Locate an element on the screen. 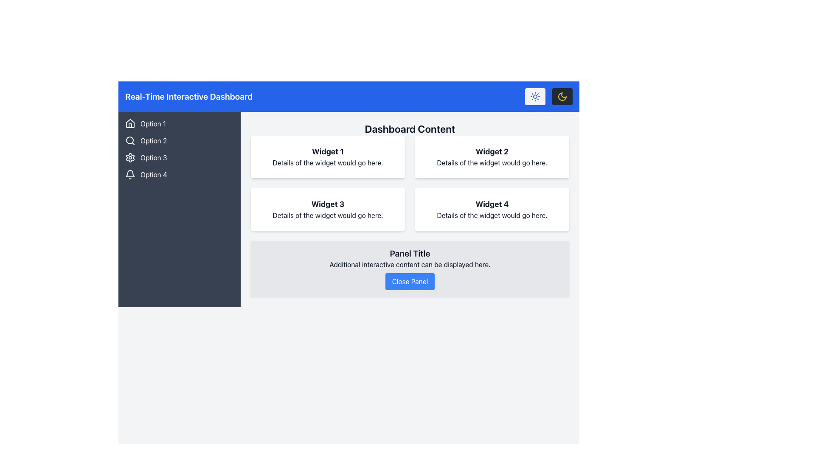 This screenshot has width=815, height=458. the text block that reads 'Details of the widget would go here.' located within the 'Widget 4' card, positioned below the title 'Widget 4' is located at coordinates (492, 215).